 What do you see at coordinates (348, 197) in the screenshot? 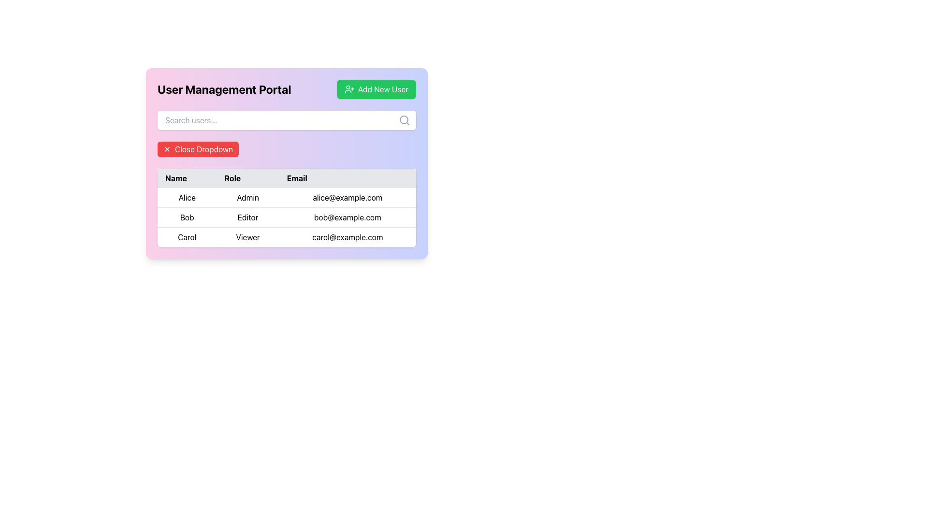
I see `the static text element displaying the email address 'alice@example.com' located in the third cell of the row starting with 'Alice' in the table` at bounding box center [348, 197].